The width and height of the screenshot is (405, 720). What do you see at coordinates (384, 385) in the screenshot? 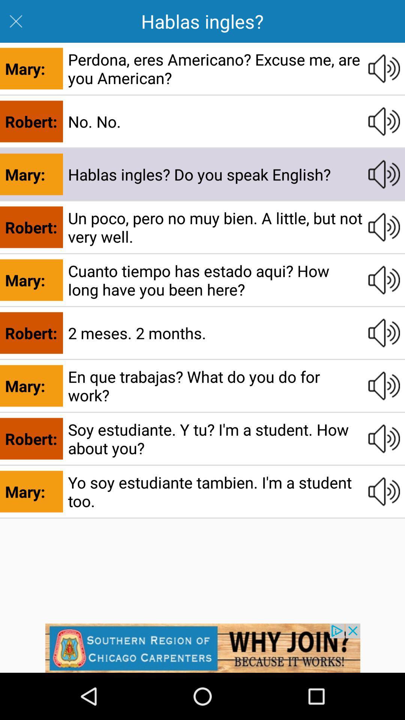
I see `this audio` at bounding box center [384, 385].